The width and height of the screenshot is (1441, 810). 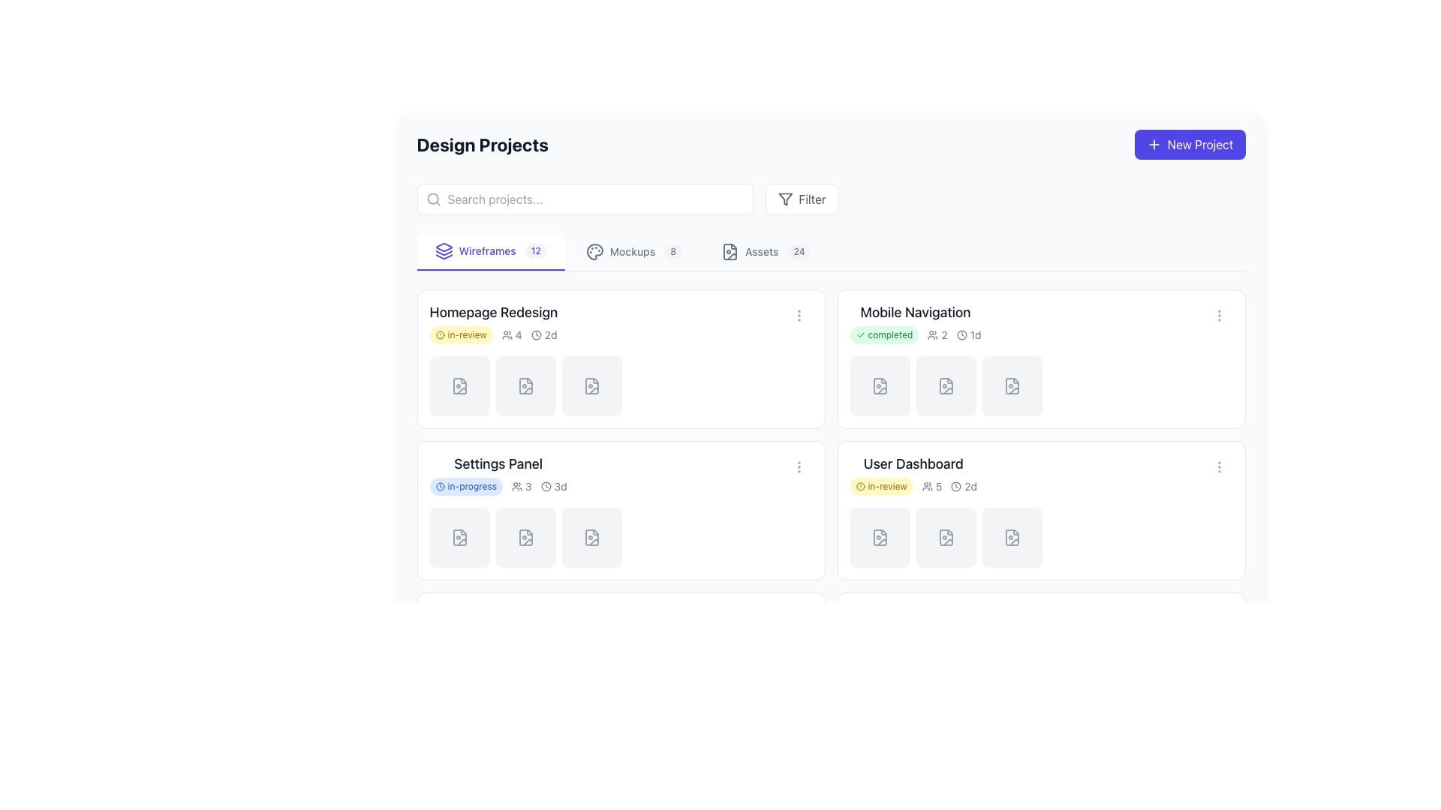 What do you see at coordinates (591, 688) in the screenshot?
I see `the file or document icon located at the bottom left tile of the grid layout under the 'Settings Panel'` at bounding box center [591, 688].